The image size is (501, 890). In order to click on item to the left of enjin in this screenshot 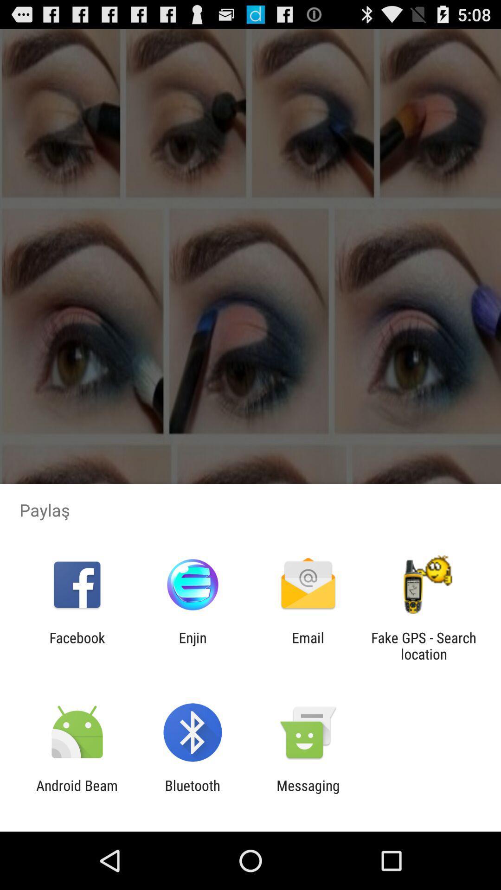, I will do `click(77, 645)`.